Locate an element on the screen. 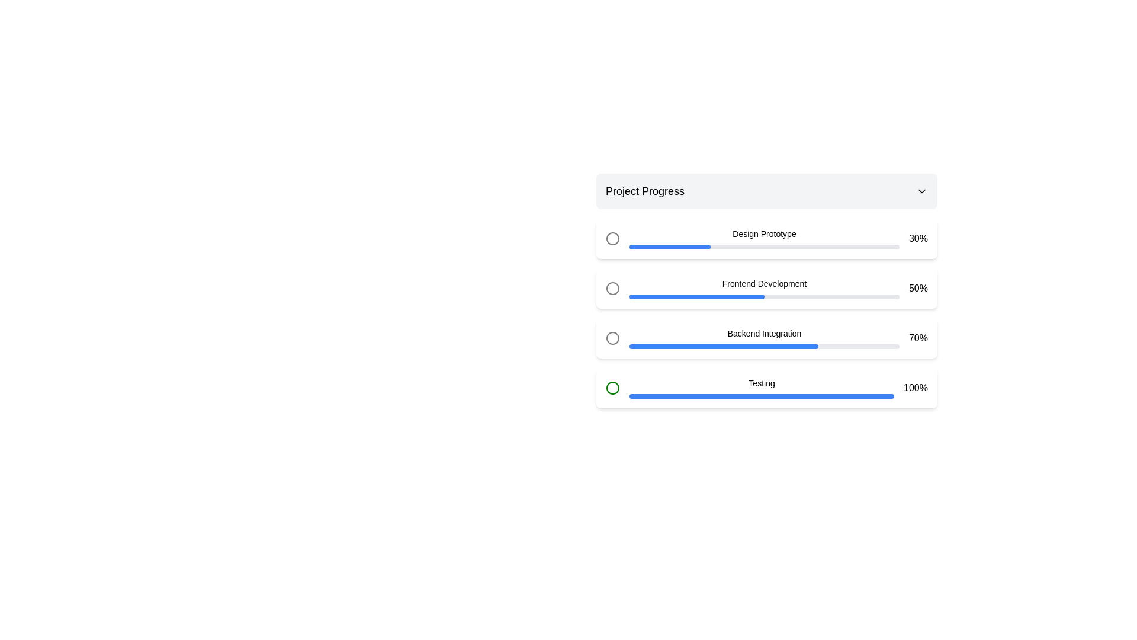  the progress tracker component representing the 'Backend Integration' phase of the project, which is the third element in a vertical list is located at coordinates (767, 338).